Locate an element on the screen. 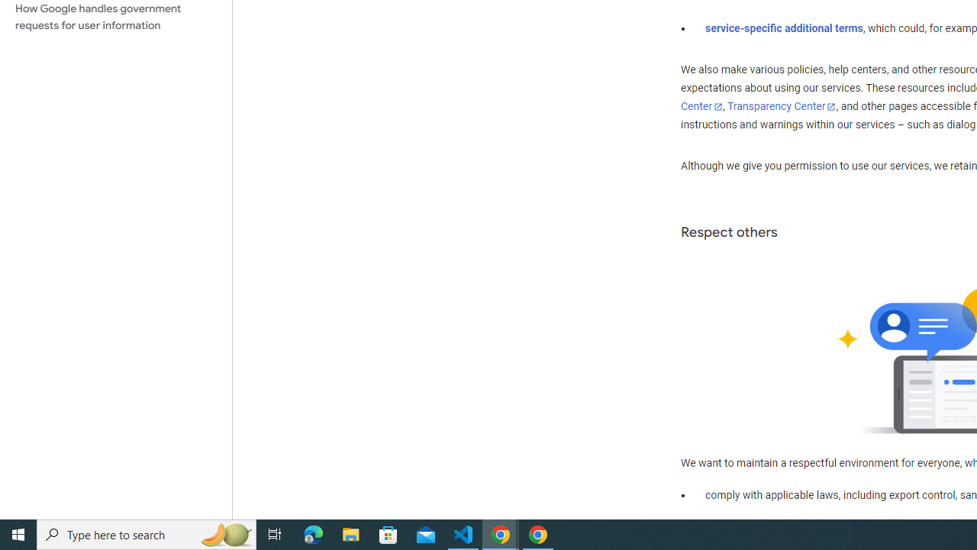 This screenshot has width=977, height=550. 'service-specific additional terms' is located at coordinates (784, 28).